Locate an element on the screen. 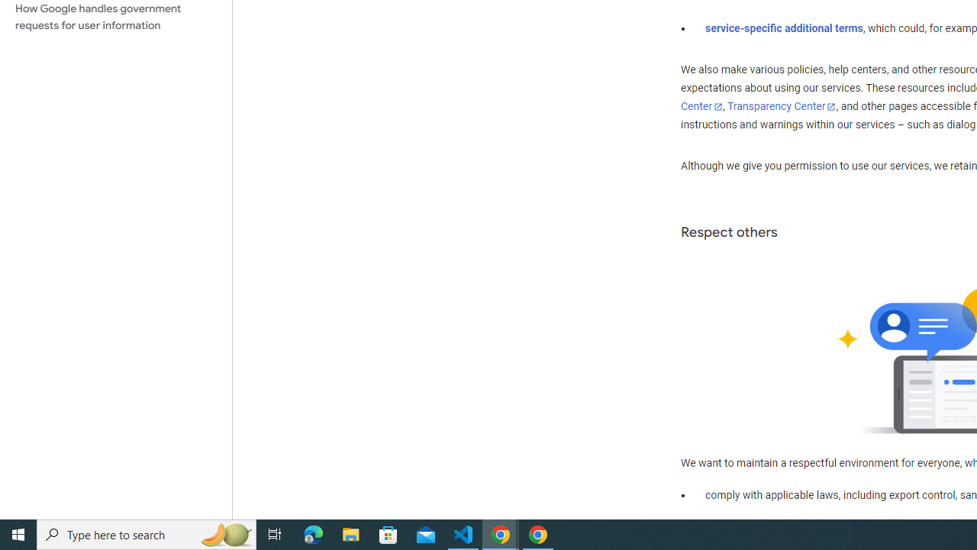 This screenshot has width=977, height=550. 'service-specific additional terms' is located at coordinates (784, 28).